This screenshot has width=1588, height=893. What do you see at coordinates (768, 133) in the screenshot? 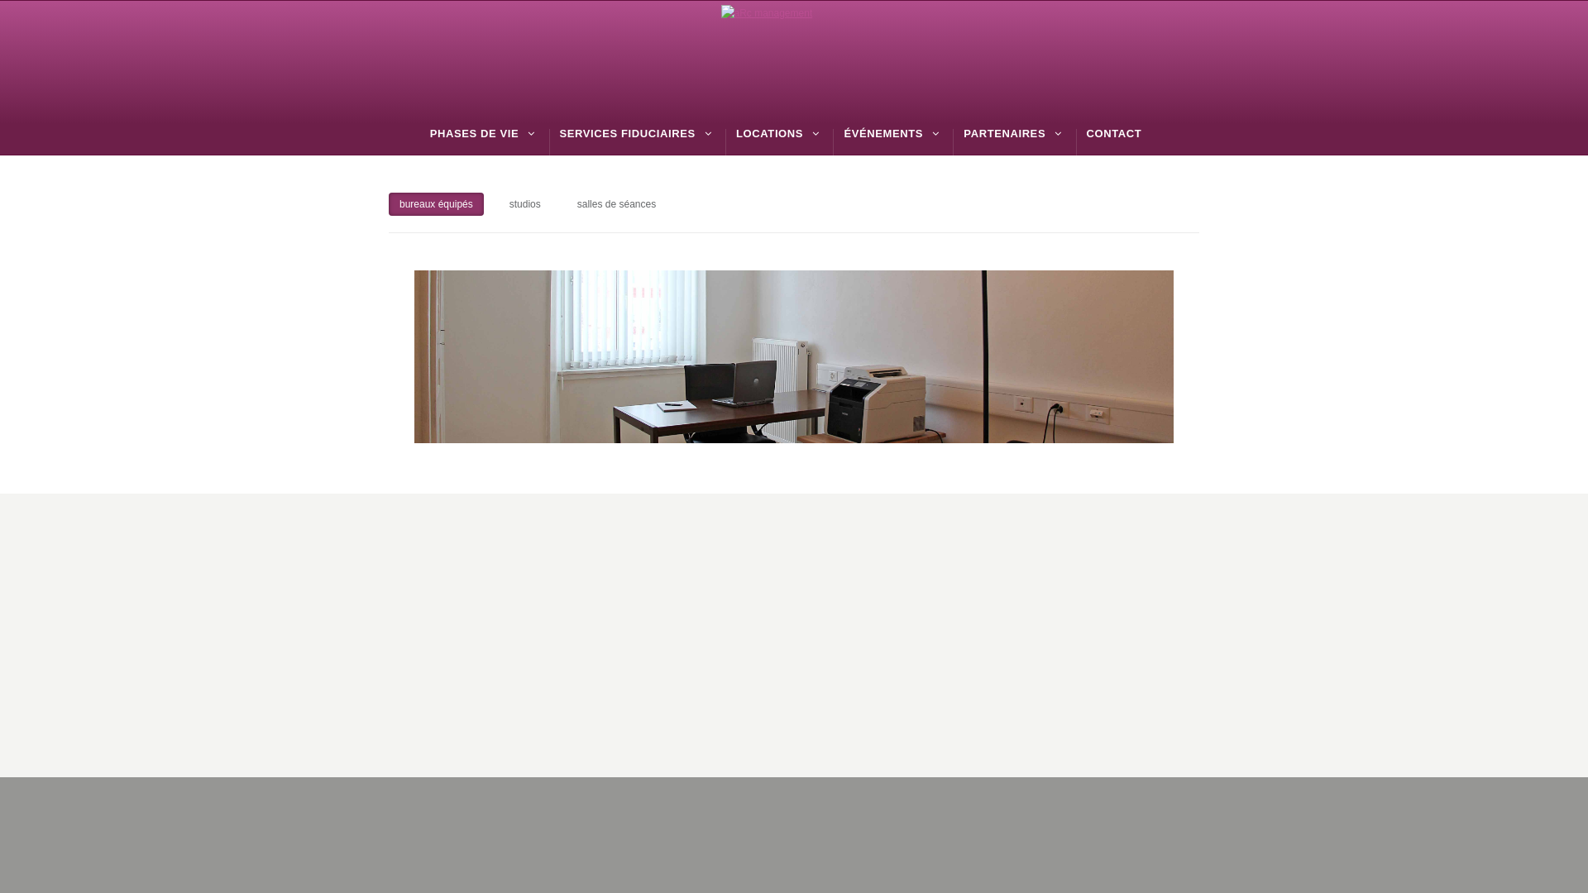
I see `'LOCATIONS'` at bounding box center [768, 133].